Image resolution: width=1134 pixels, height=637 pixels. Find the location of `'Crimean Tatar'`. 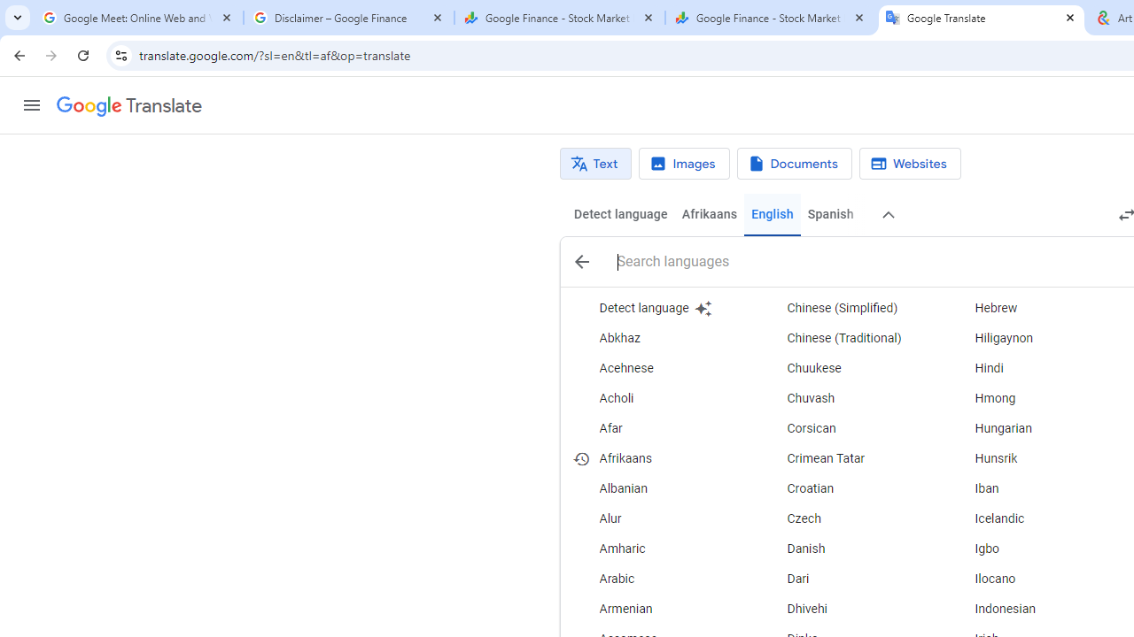

'Crimean Tatar' is located at coordinates (847, 458).